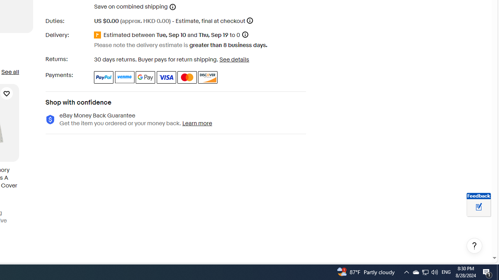  What do you see at coordinates (478, 207) in the screenshot?
I see `'Leave feedback about your eBay ViewItem experience'` at bounding box center [478, 207].